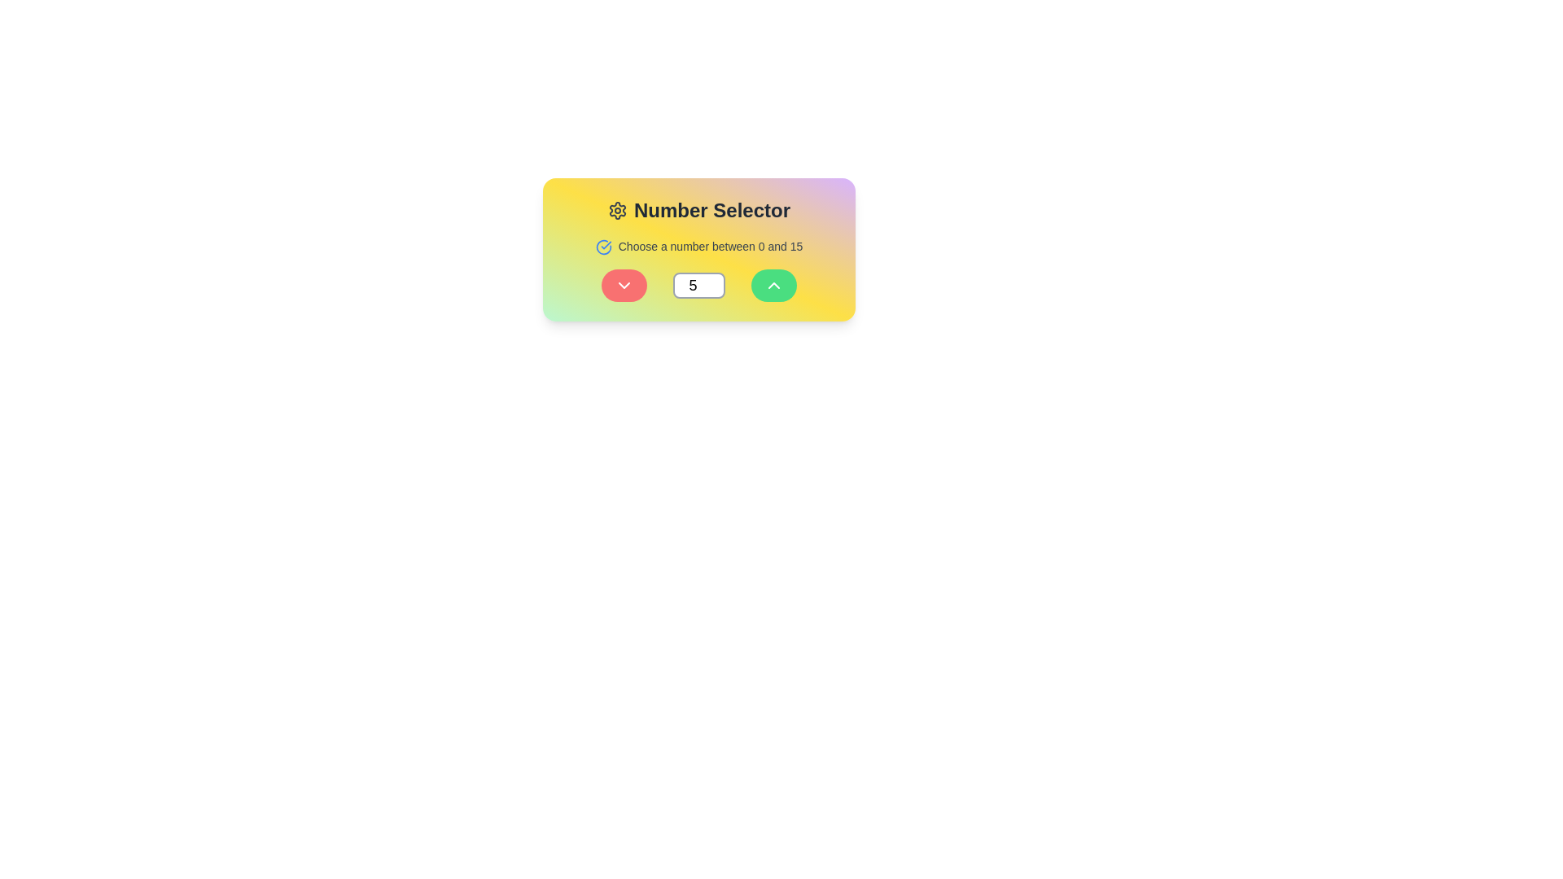 This screenshot has height=879, width=1563. What do you see at coordinates (624, 285) in the screenshot?
I see `the first rounded button with a red background and a white downward chevron icon` at bounding box center [624, 285].